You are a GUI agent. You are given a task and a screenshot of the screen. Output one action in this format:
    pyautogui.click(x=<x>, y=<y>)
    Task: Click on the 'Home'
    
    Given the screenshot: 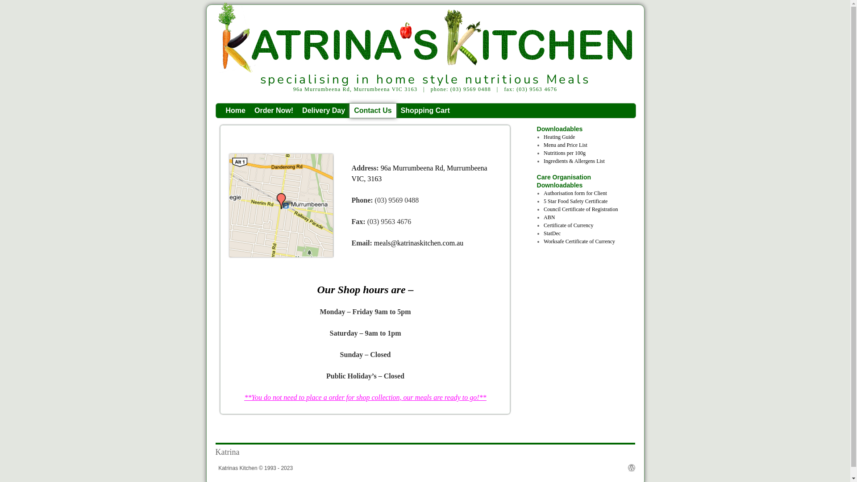 What is the action you would take?
    pyautogui.click(x=236, y=110)
    